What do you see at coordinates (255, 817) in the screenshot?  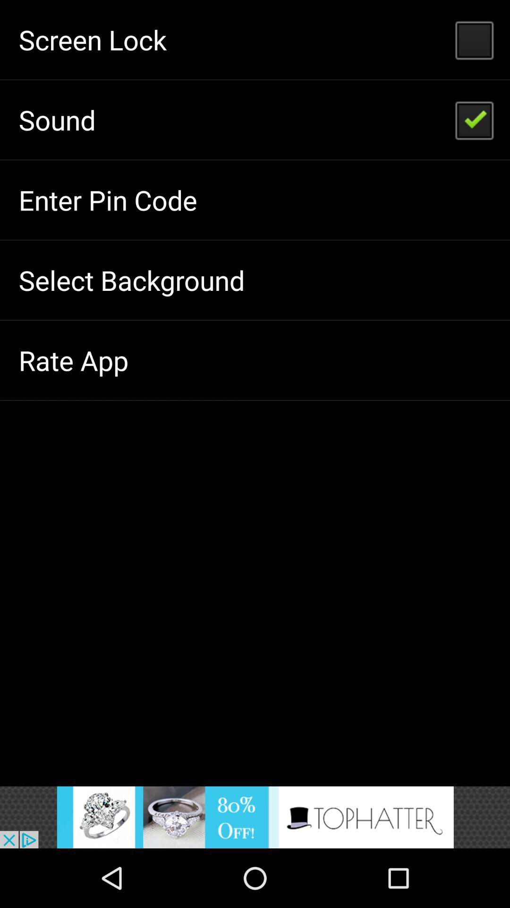 I see `advertisement` at bounding box center [255, 817].